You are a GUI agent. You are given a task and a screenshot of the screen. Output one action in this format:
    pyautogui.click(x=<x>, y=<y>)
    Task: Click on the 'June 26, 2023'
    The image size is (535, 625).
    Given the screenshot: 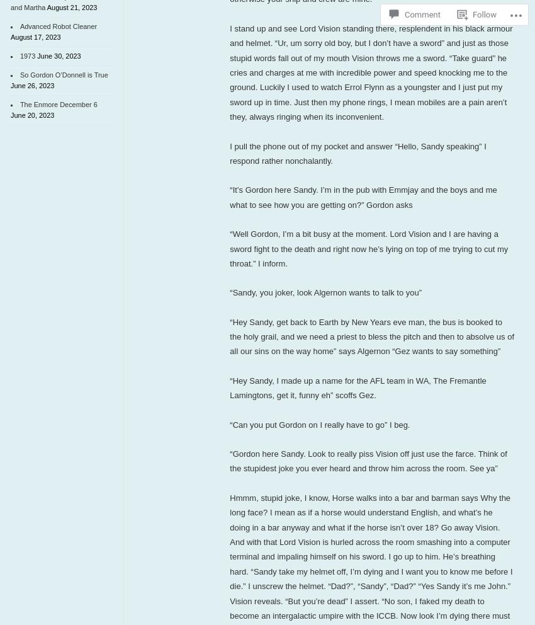 What is the action you would take?
    pyautogui.click(x=10, y=85)
    